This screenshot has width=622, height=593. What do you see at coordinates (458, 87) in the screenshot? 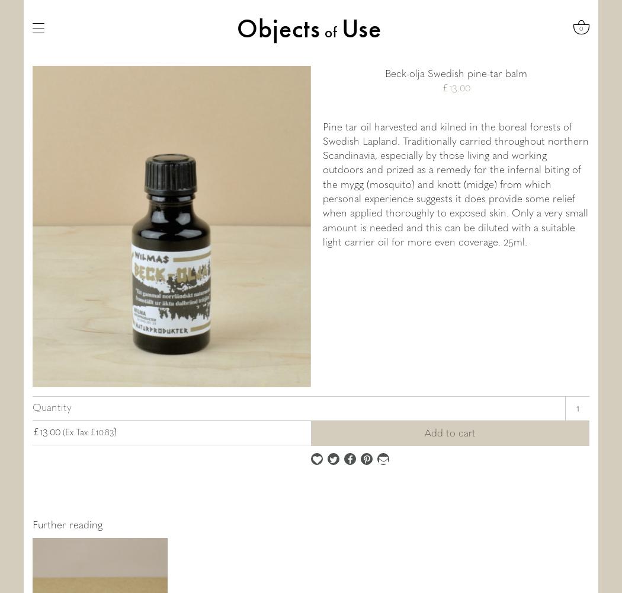
I see `'.'` at bounding box center [458, 87].